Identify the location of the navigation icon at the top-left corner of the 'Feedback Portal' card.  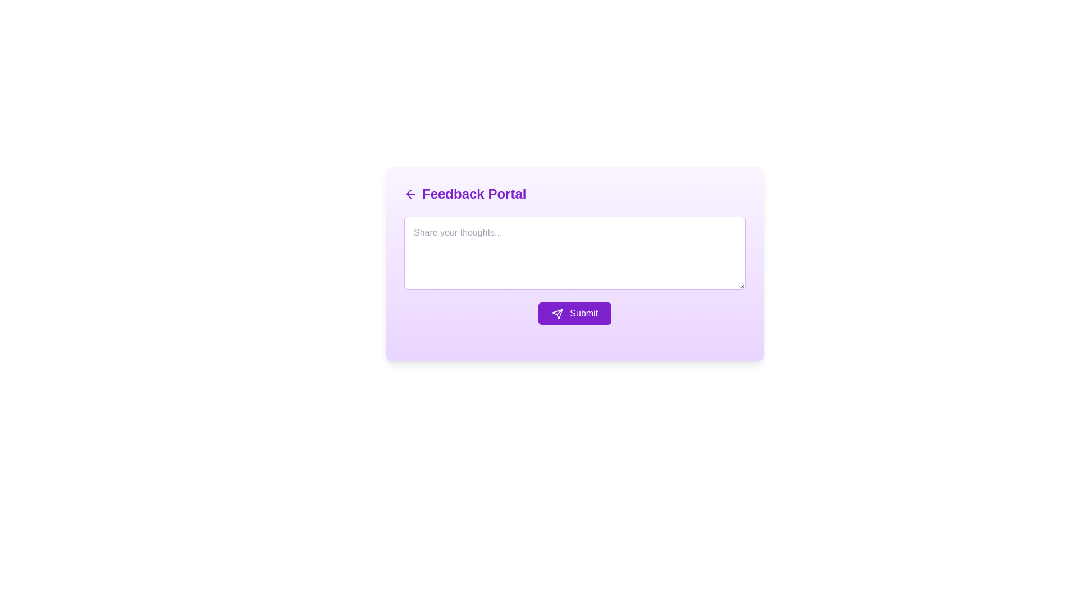
(410, 194).